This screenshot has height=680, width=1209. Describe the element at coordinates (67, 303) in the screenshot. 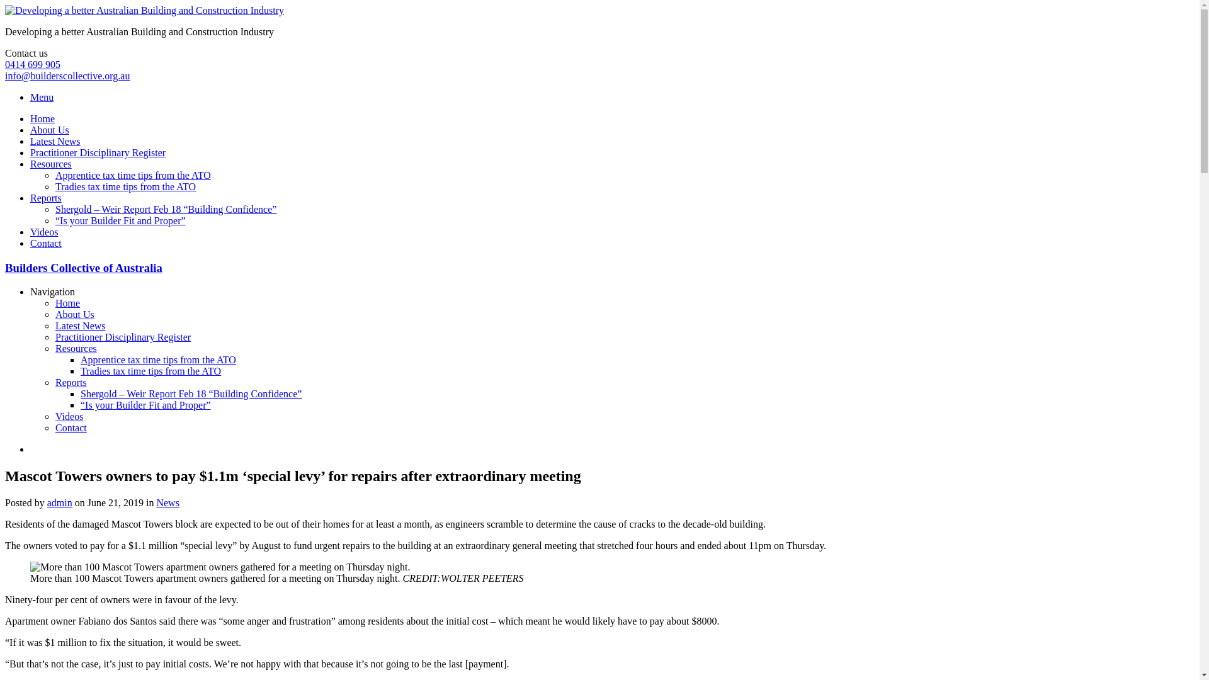

I see `'Home'` at that location.